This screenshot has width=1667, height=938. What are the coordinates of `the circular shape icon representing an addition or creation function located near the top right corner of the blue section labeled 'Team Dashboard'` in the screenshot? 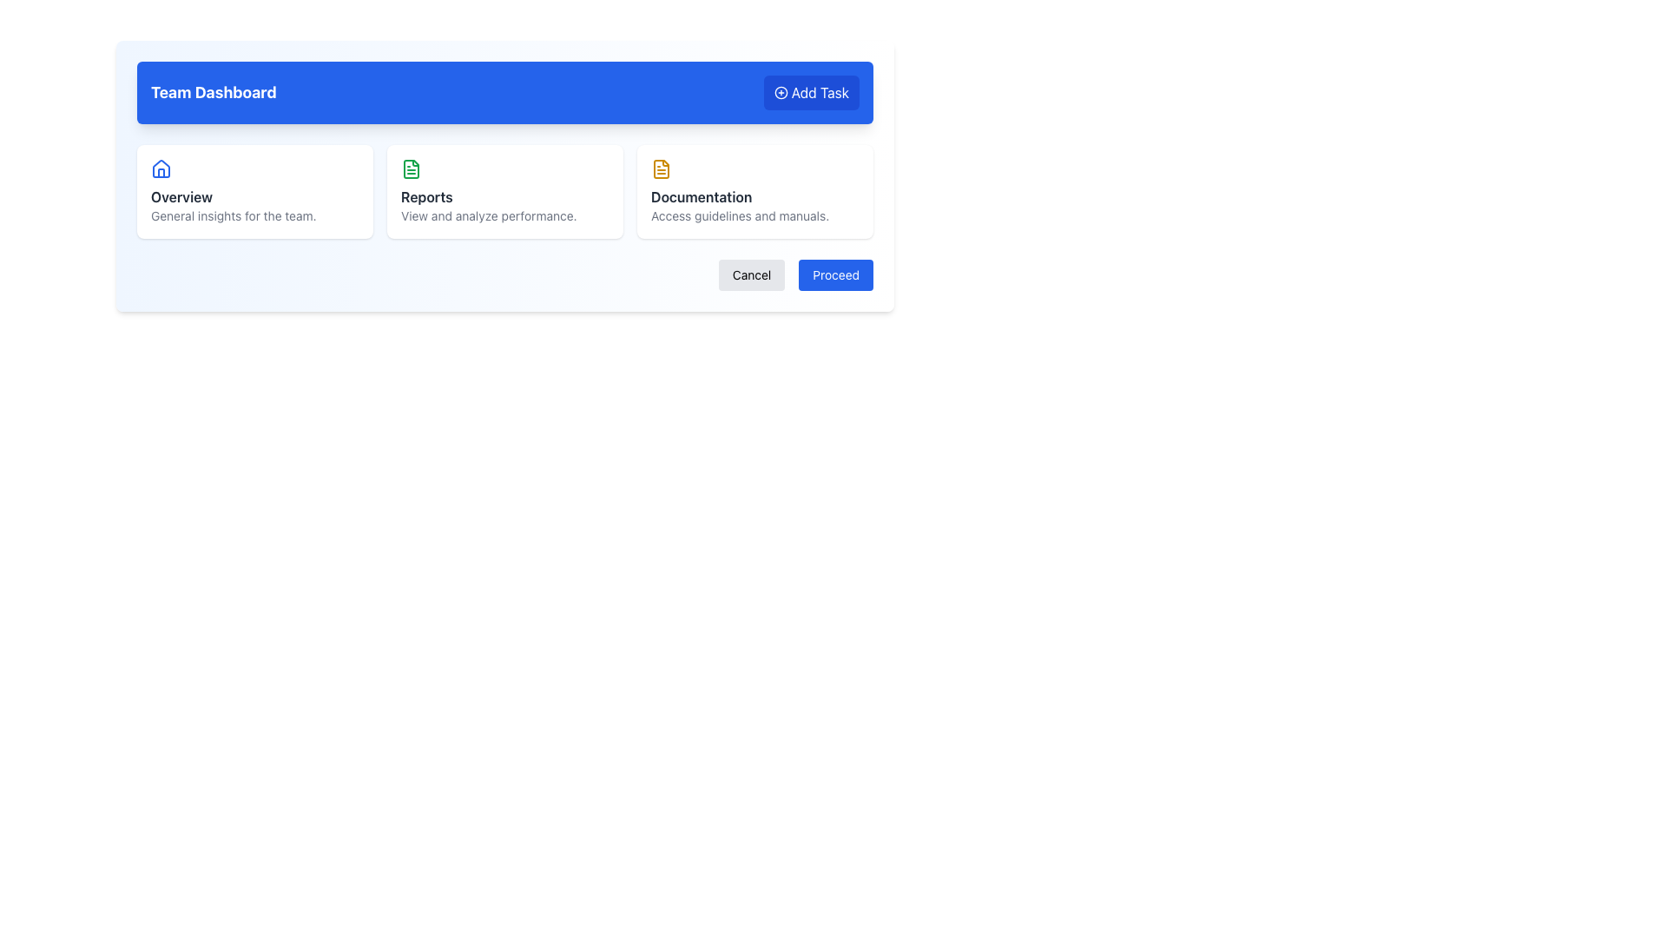 It's located at (780, 93).